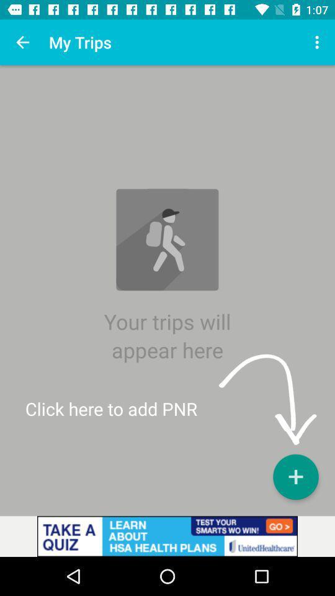 The width and height of the screenshot is (335, 596). I want to click on the add icon, so click(295, 476).